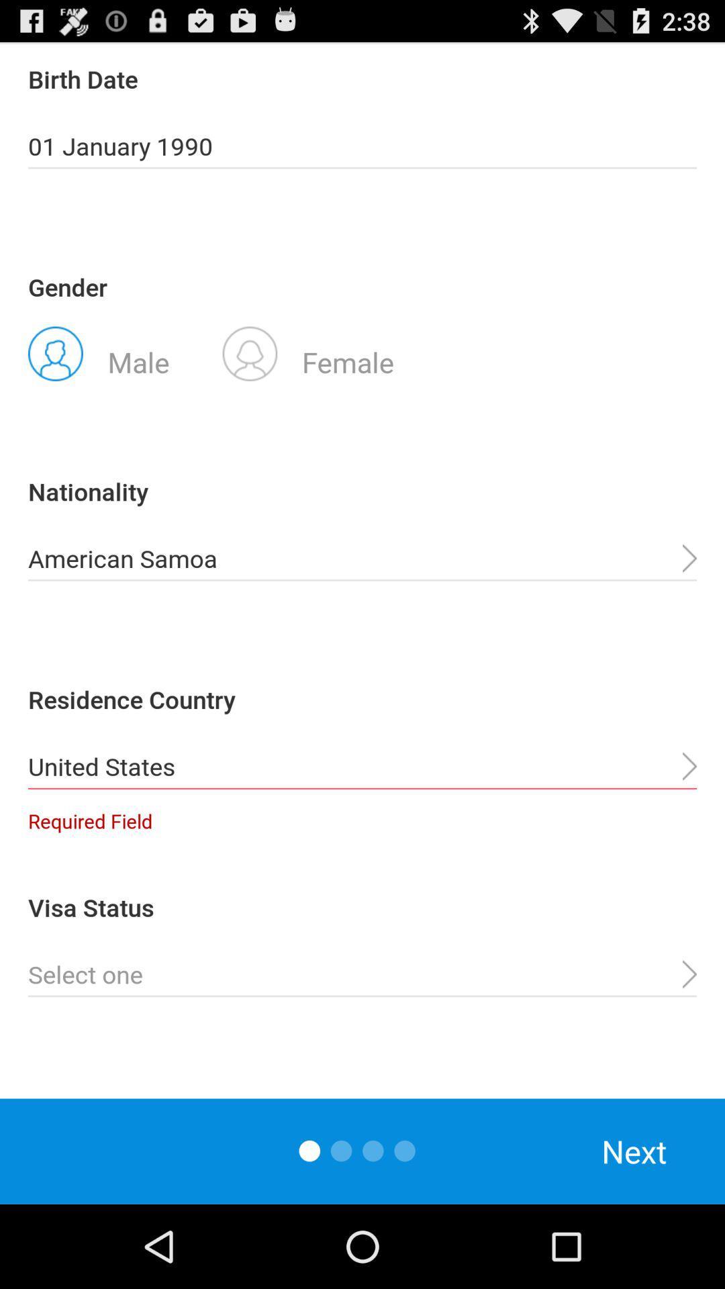  I want to click on item below the 01 january 1990 item, so click(308, 352).